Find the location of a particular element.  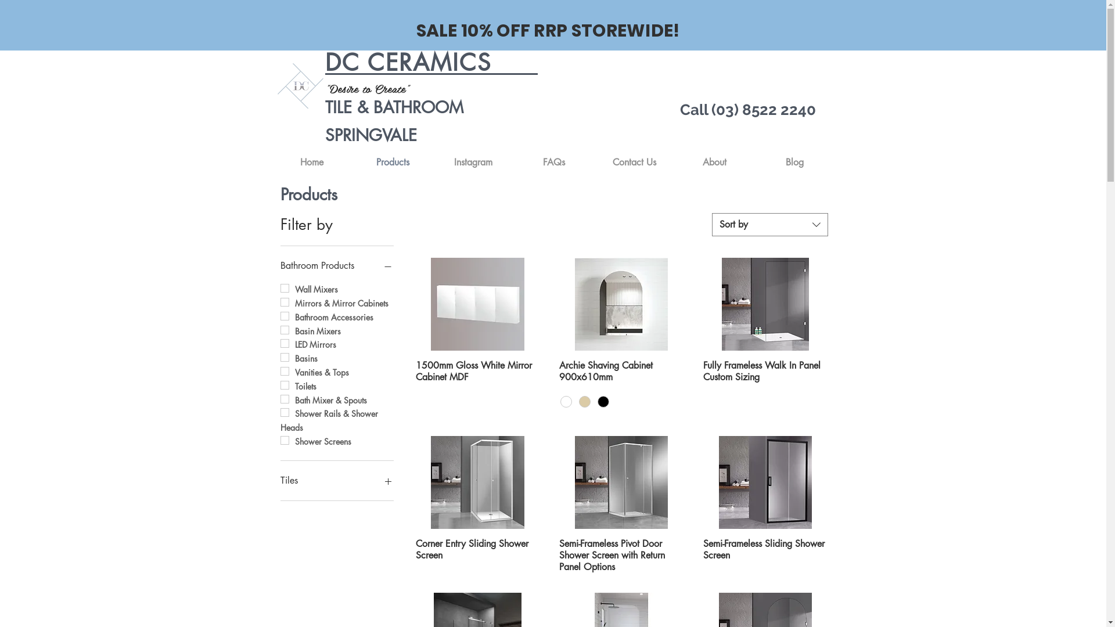

'Fully Frameless Walk In Panel Custom Sizing' is located at coordinates (765, 388).